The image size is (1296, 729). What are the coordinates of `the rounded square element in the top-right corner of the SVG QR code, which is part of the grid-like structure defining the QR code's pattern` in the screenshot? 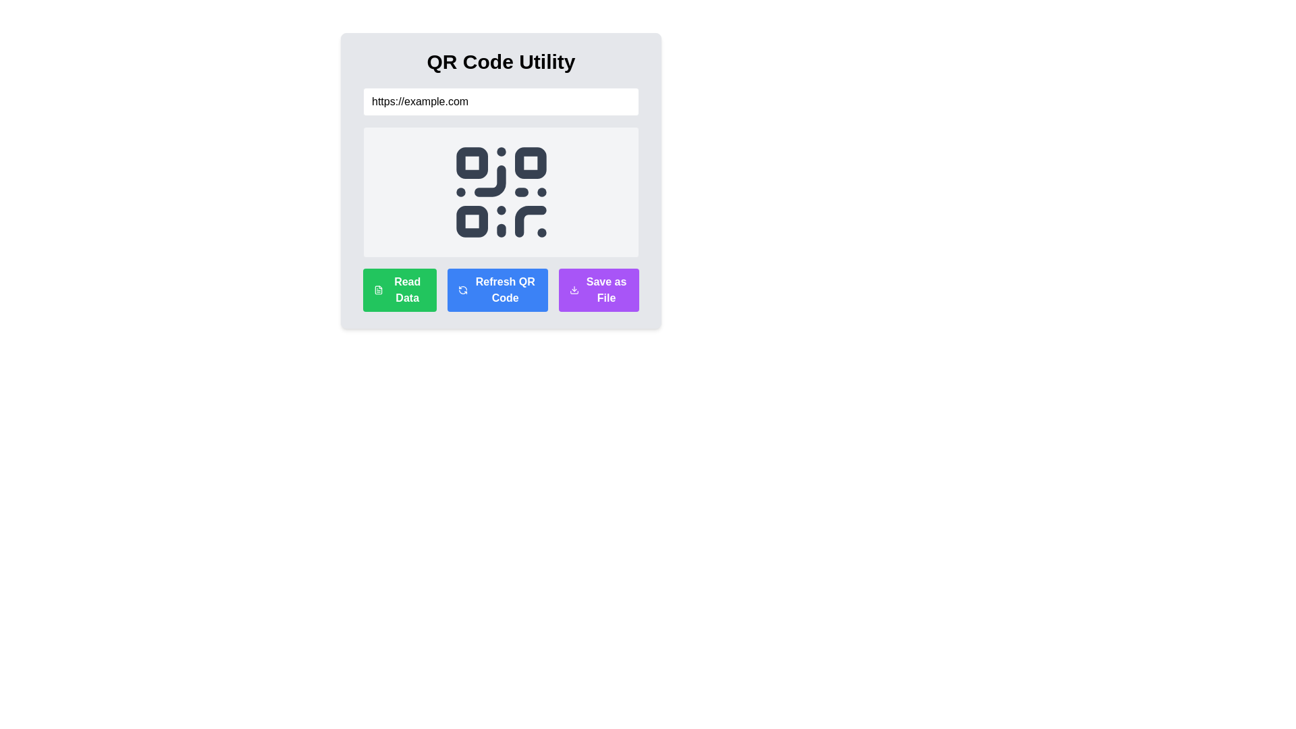 It's located at (529, 162).